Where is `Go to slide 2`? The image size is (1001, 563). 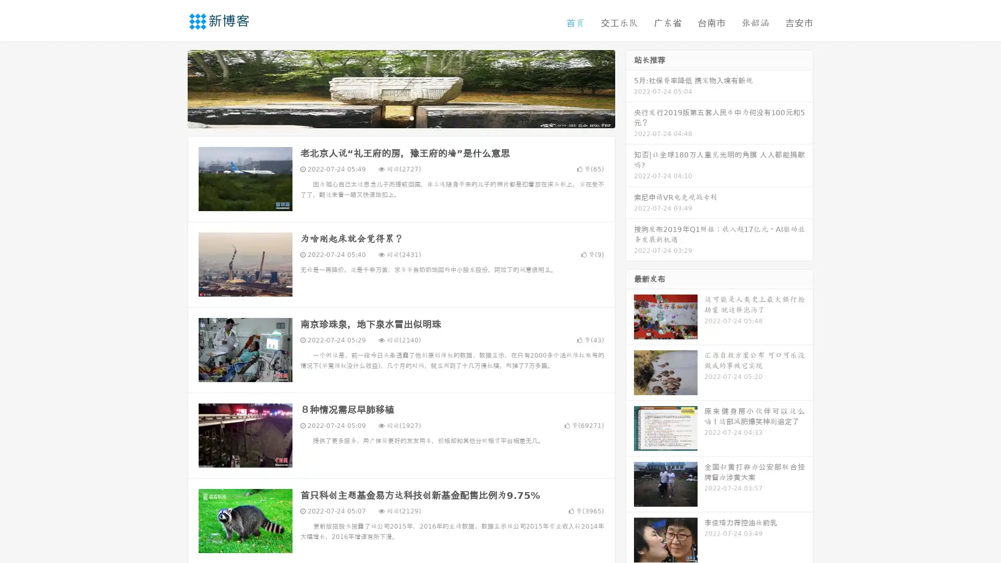 Go to slide 2 is located at coordinates (400, 117).